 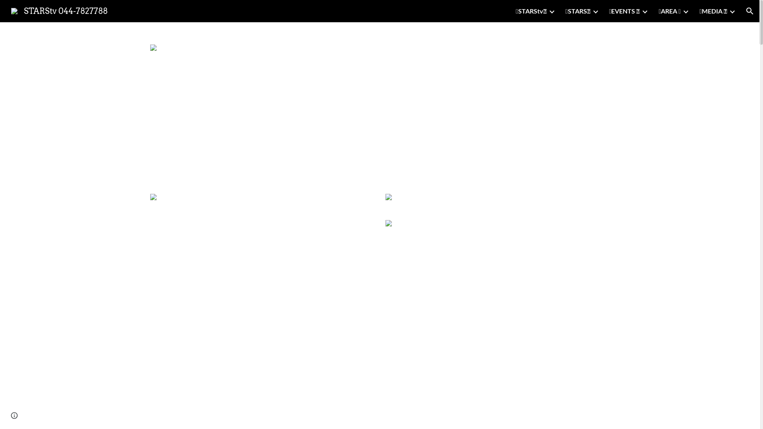 I want to click on 'STARStv 044-7827788', so click(x=59, y=10).